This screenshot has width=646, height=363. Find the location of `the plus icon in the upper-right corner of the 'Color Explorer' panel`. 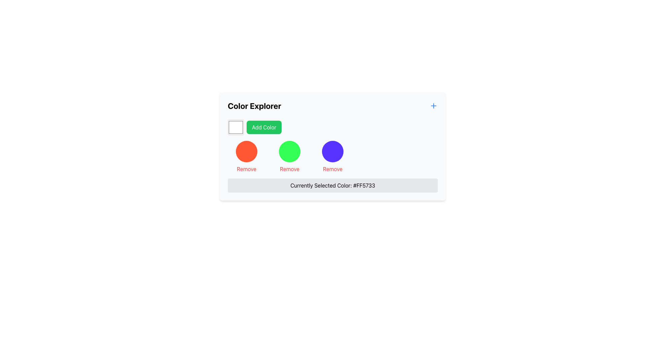

the plus icon in the upper-right corner of the 'Color Explorer' panel is located at coordinates (434, 106).